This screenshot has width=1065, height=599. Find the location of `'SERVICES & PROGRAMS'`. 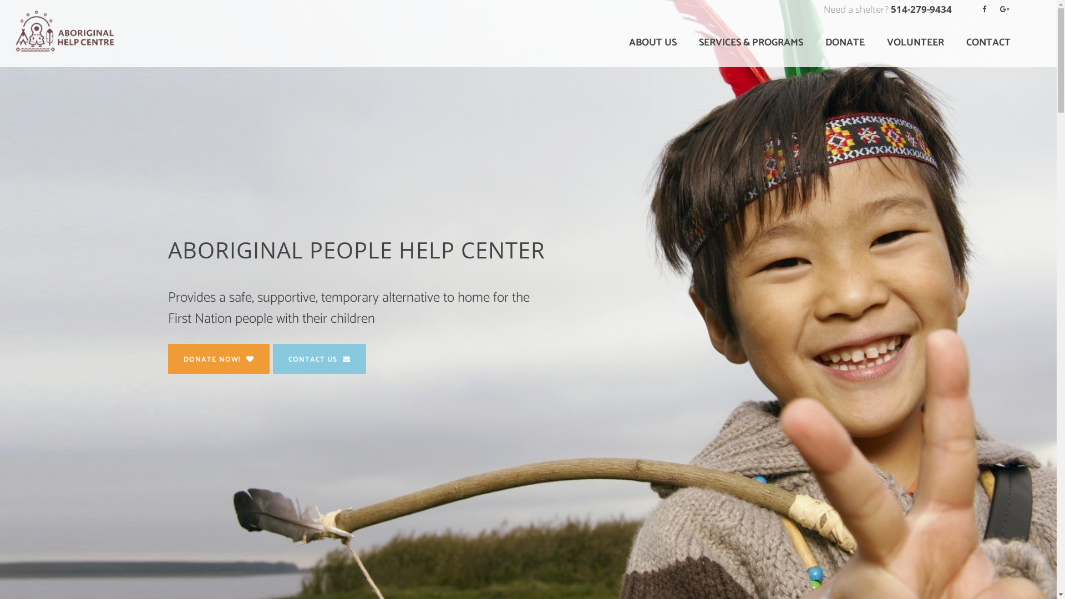

'SERVICES & PROGRAMS' is located at coordinates (687, 42).